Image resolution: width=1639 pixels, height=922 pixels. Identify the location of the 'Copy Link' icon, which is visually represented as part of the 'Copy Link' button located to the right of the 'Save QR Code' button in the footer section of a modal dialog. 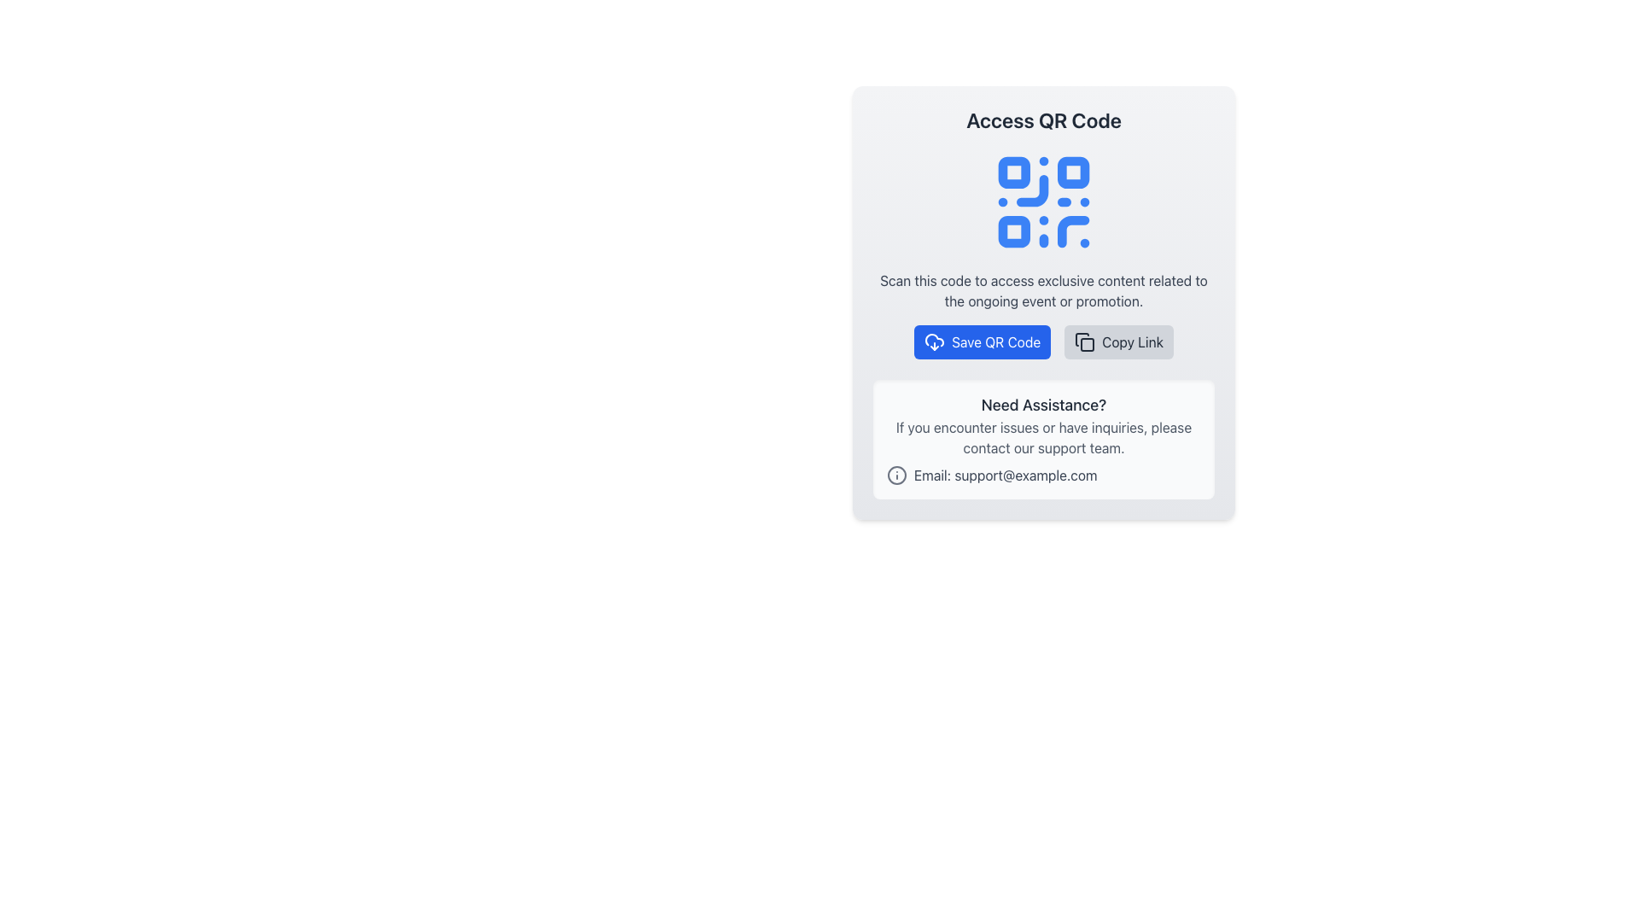
(1084, 342).